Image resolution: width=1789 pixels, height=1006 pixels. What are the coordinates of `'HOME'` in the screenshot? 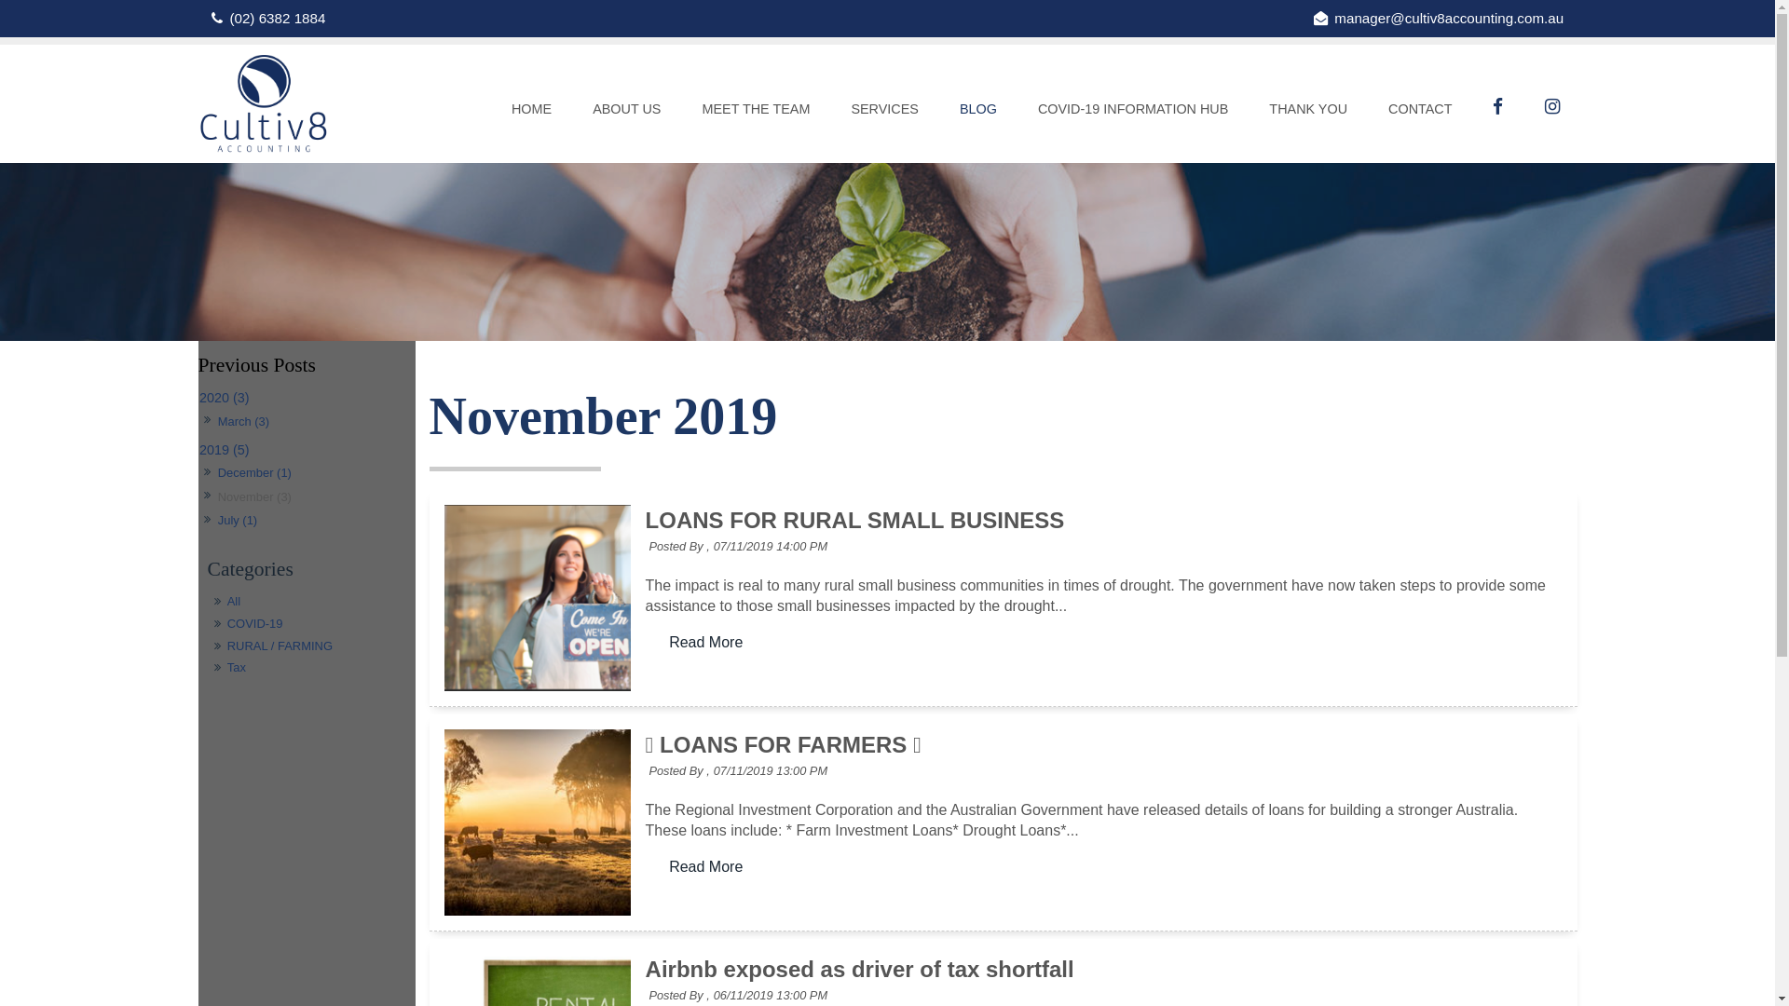 It's located at (530, 111).